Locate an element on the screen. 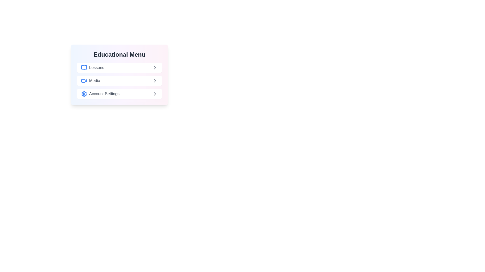  the gray arrow icon with a right-facing chevron design located at the rightmost end of the 'Media' menu item is located at coordinates (155, 80).